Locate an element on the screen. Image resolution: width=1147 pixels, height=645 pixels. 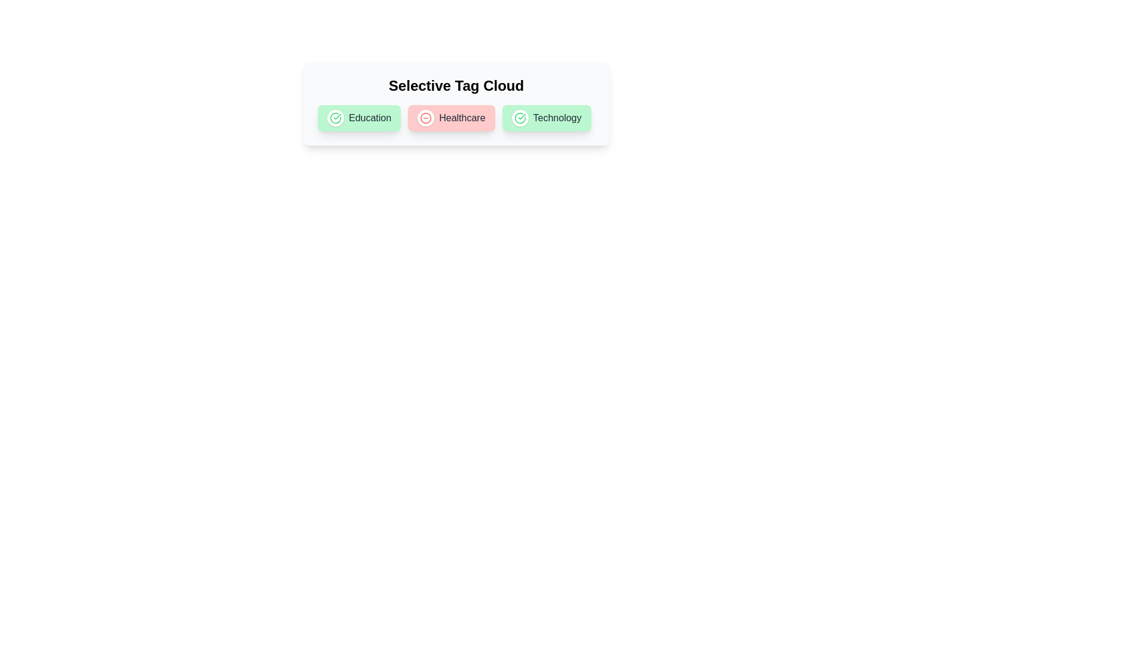
the tag labeled Technology is located at coordinates (519, 118).